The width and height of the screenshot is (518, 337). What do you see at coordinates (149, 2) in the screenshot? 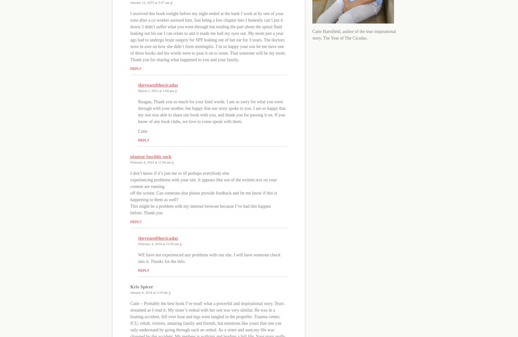
I see `'January 13, 2015 at 3:37 am'` at bounding box center [149, 2].